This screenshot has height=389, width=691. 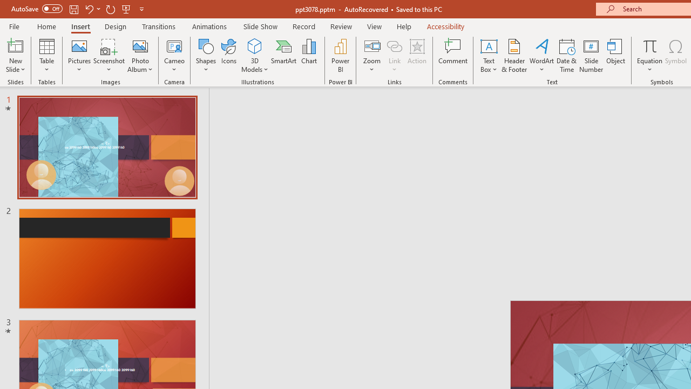 I want to click on 'Date & Time...', so click(x=566, y=56).